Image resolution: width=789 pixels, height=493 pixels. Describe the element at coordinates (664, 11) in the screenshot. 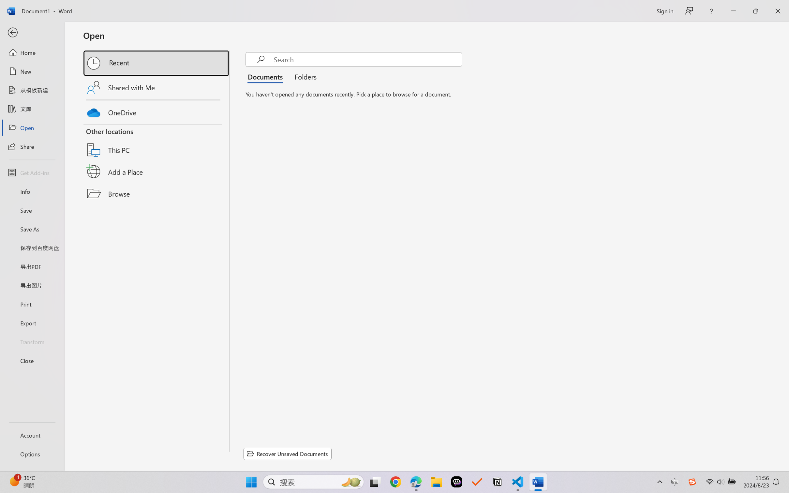

I see `'Sign in'` at that location.